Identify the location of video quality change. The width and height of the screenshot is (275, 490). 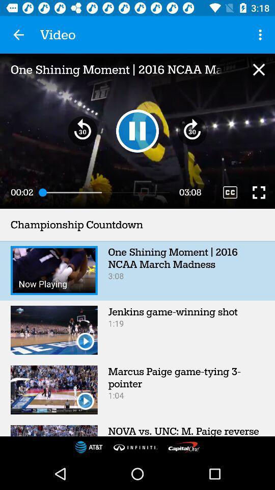
(230, 192).